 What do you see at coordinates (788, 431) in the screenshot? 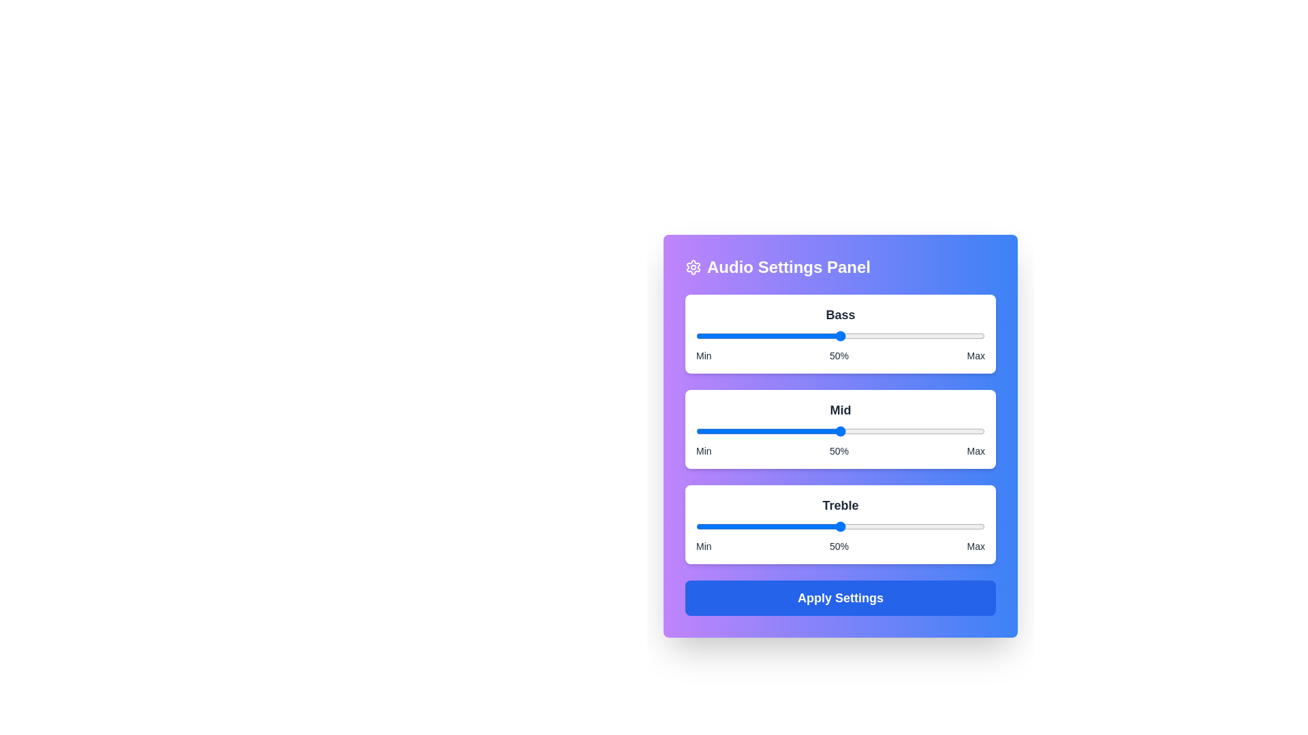
I see `slider` at bounding box center [788, 431].